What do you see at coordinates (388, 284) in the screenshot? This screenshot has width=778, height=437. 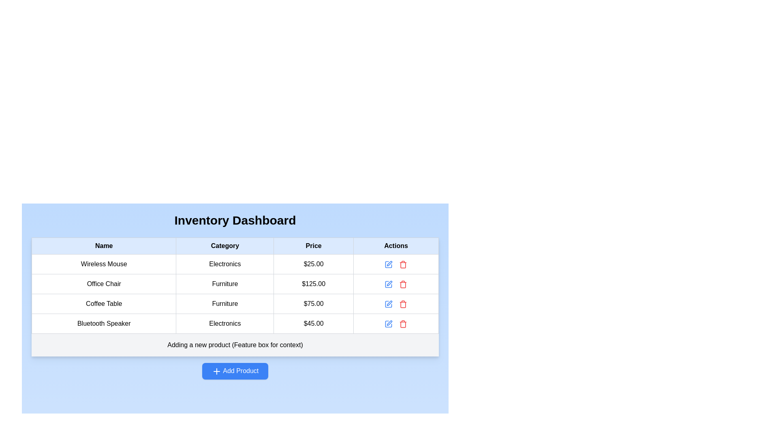 I see `the edit button located in the 'Actions' column of the second row corresponding to the 'Office Chair' entry to initiate an edit action` at bounding box center [388, 284].